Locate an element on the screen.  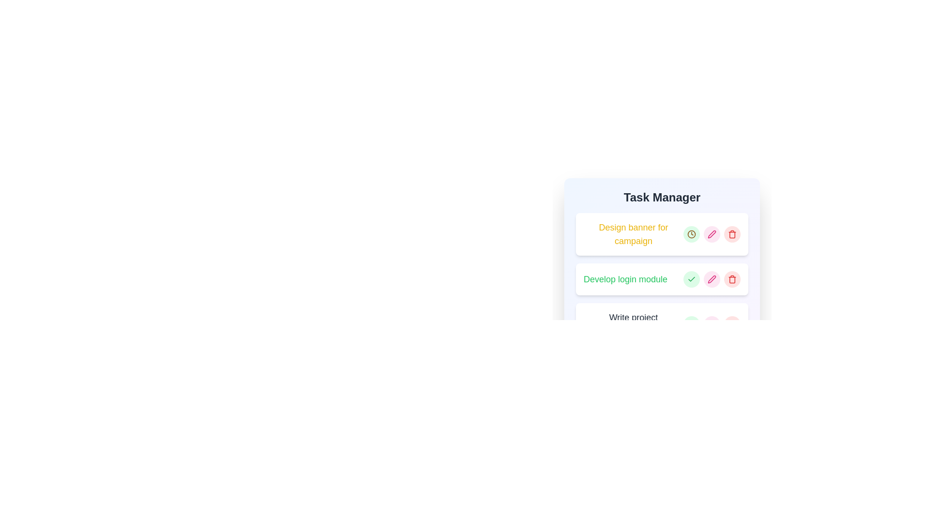
the pink pen or pencil icon located on the right-hand side of the second task item in the 'Task Manager' interface is located at coordinates (712, 279).